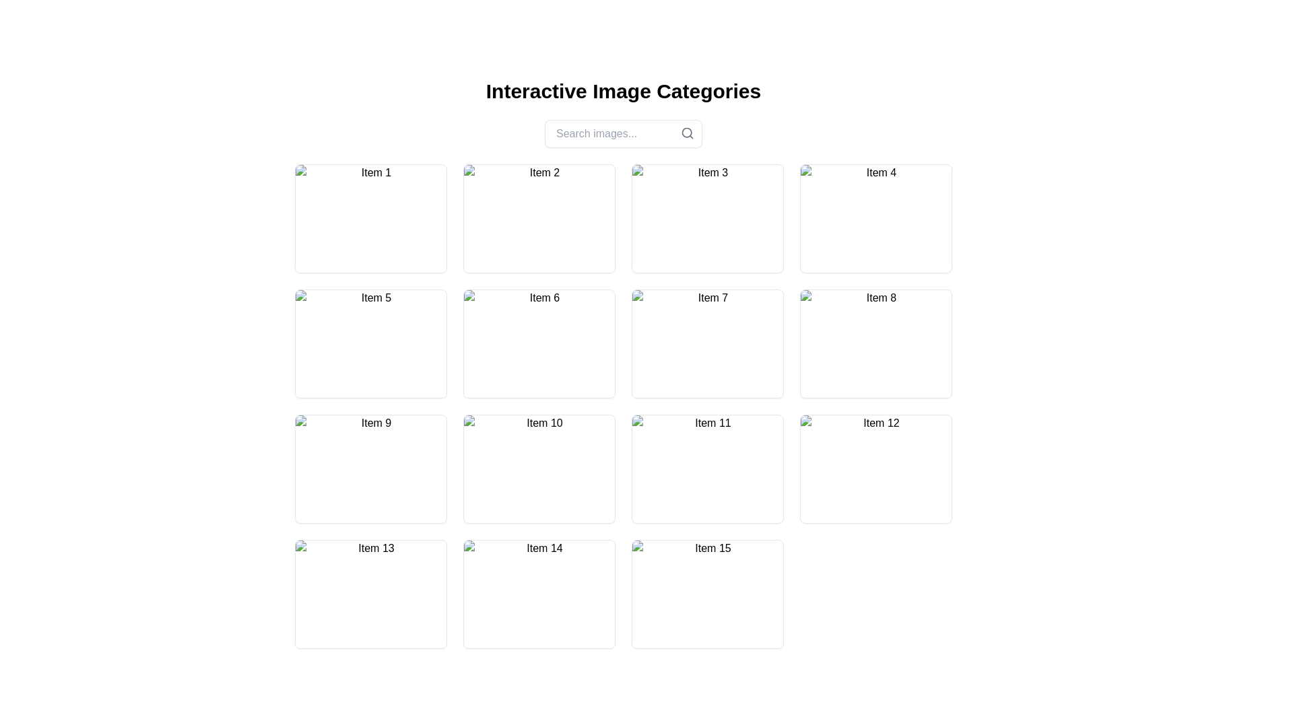 The width and height of the screenshot is (1293, 727). Describe the element at coordinates (688, 133) in the screenshot. I see `the magnifying glass-shaped search icon located at the right side of the search bar to initiate a search action` at that location.